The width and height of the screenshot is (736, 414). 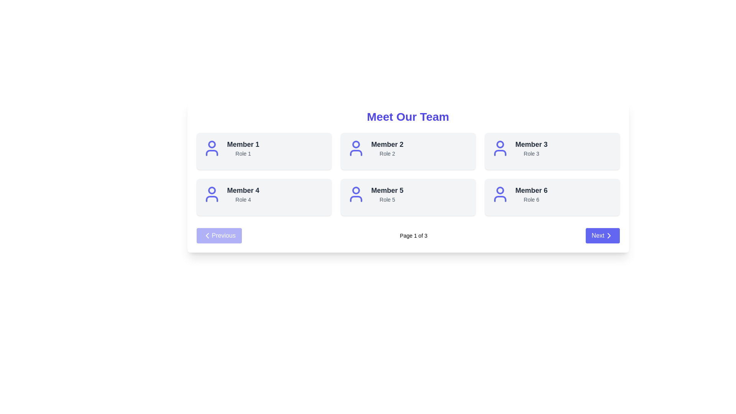 What do you see at coordinates (387, 199) in the screenshot?
I see `the text label indicating the role of the member in the fifth card of the grid layout, located in the bottom row, second column` at bounding box center [387, 199].